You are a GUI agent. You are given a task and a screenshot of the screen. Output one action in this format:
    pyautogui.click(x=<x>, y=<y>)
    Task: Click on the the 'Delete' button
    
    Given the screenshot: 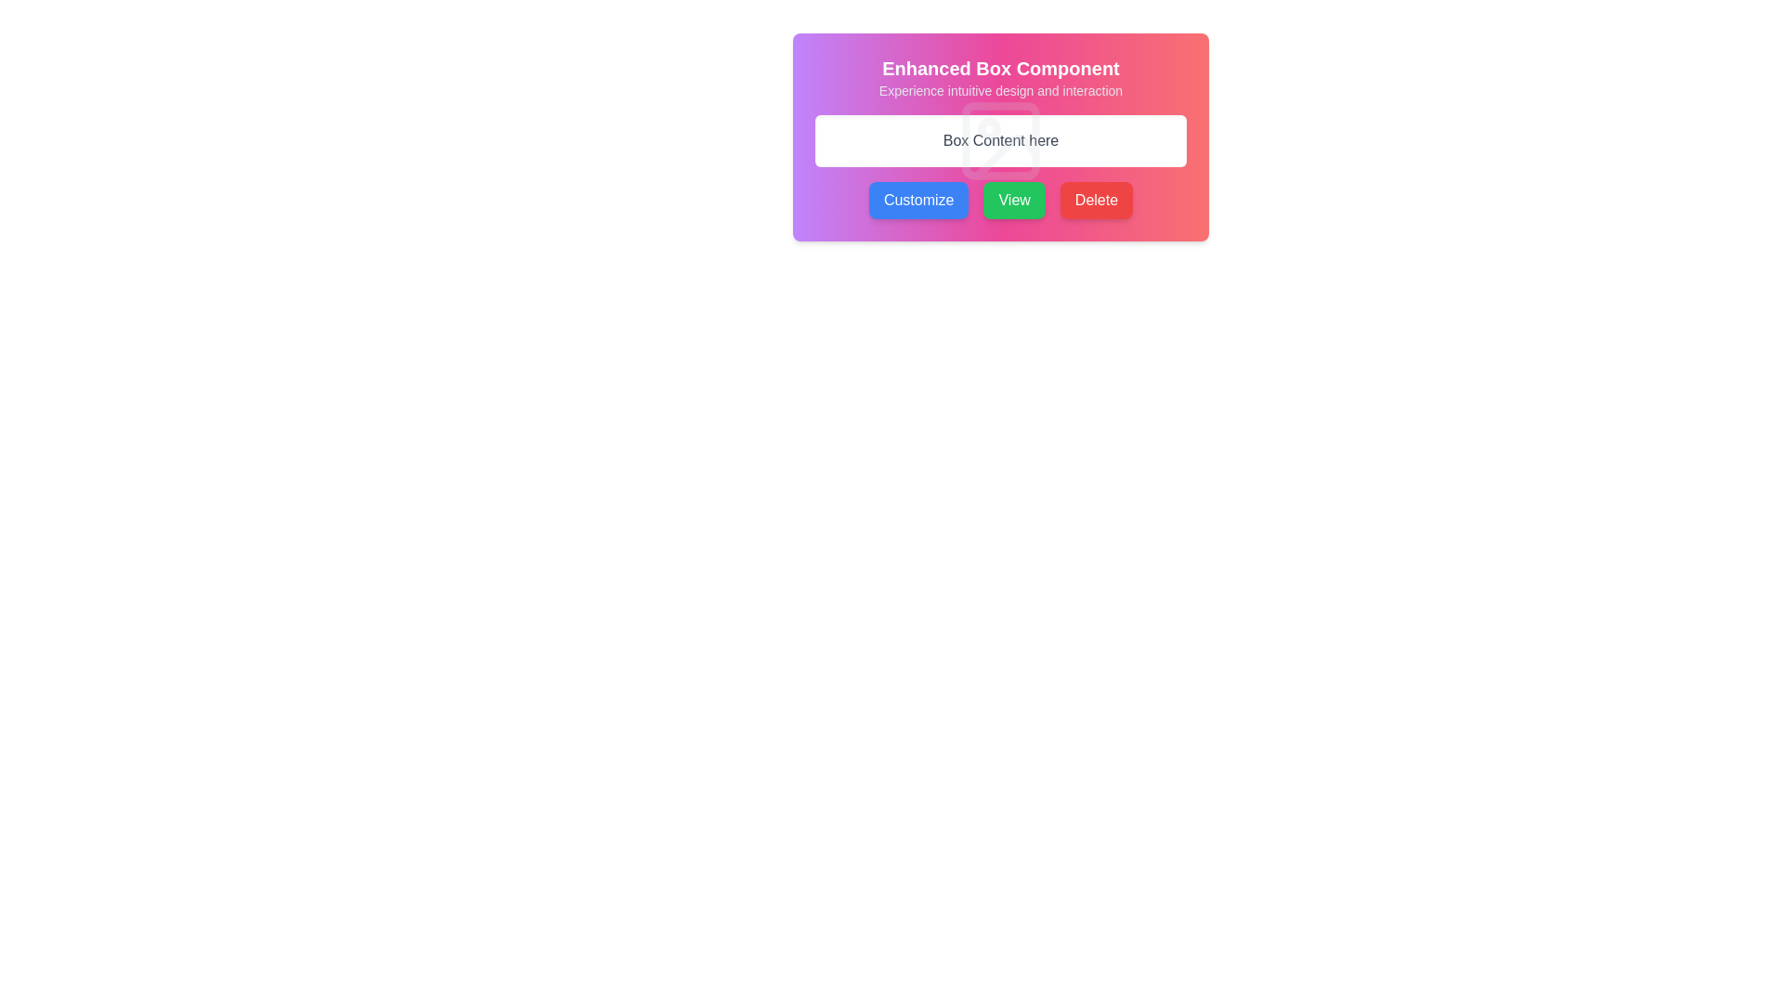 What is the action you would take?
    pyautogui.click(x=1096, y=201)
    